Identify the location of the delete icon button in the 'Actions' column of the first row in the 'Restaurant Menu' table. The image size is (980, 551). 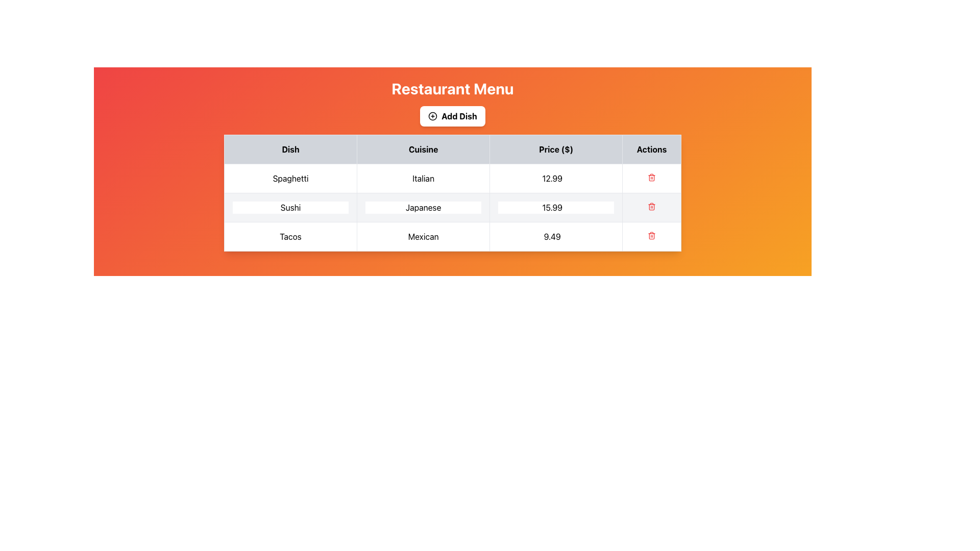
(651, 177).